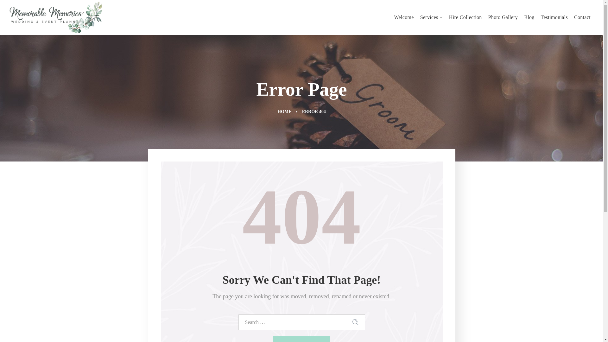 The height and width of the screenshot is (342, 608). I want to click on 'Hire Collection', so click(445, 17).